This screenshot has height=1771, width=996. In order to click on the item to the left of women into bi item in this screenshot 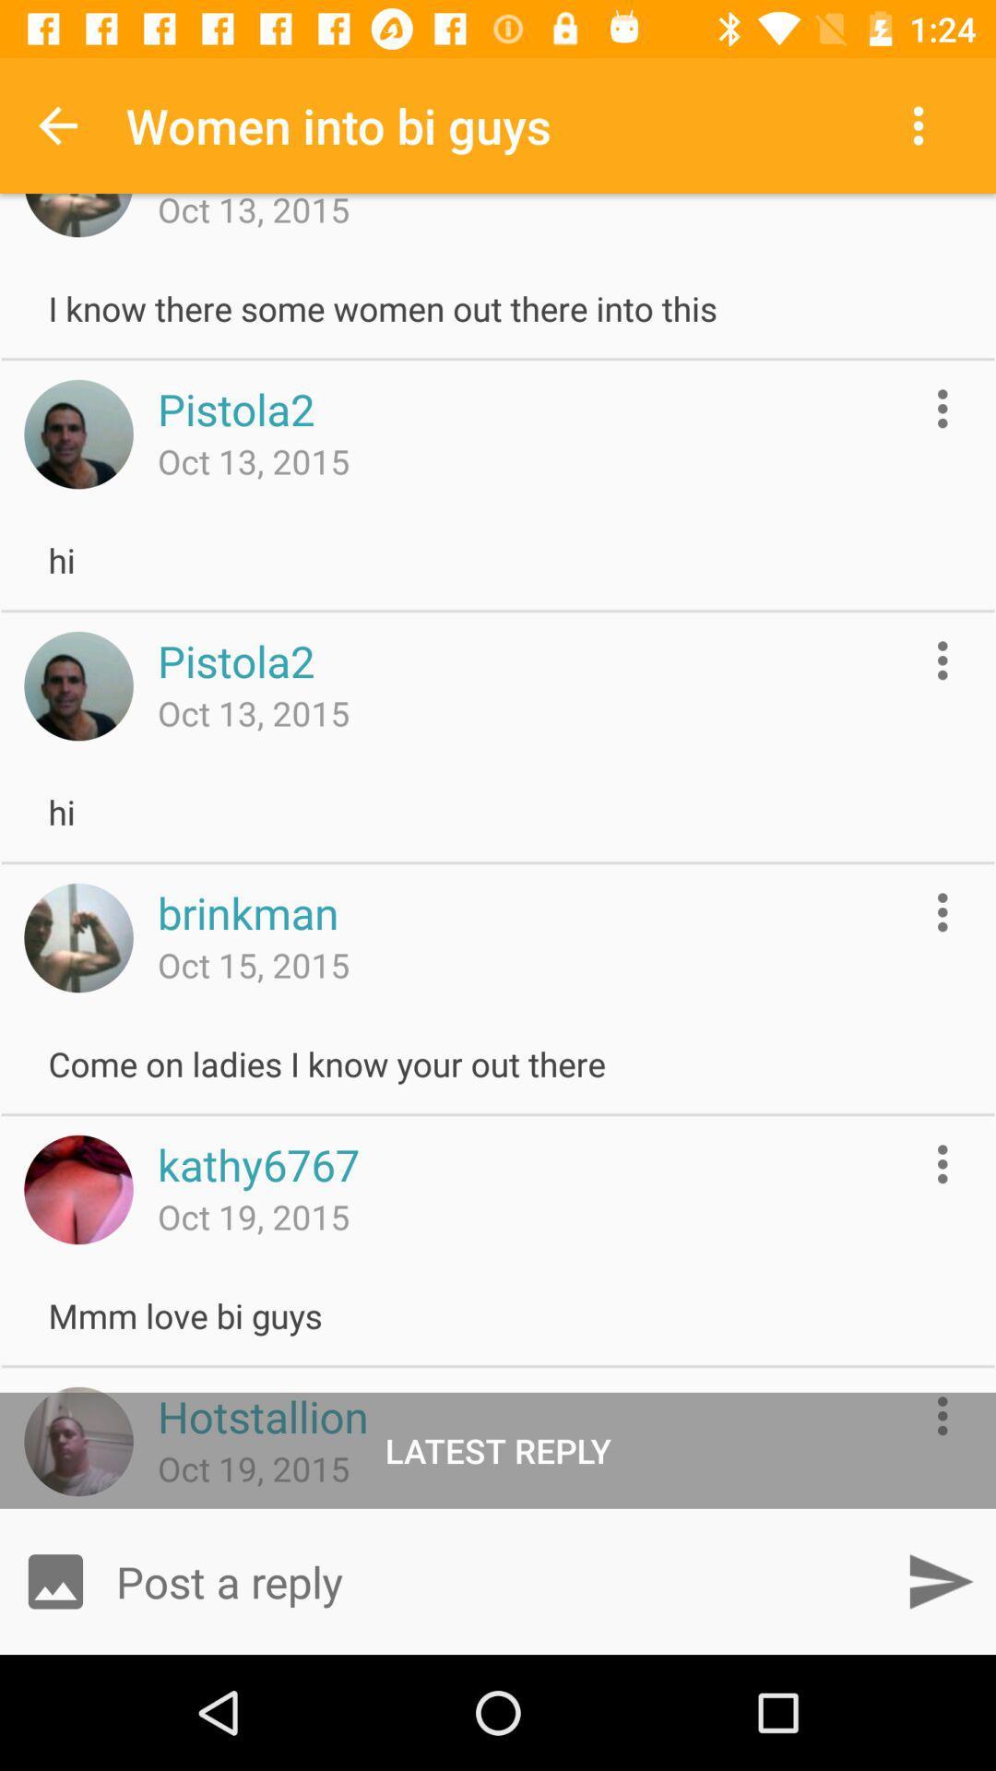, I will do `click(56, 125)`.